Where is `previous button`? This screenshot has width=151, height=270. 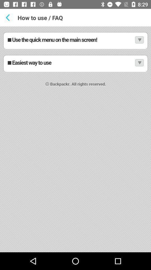
previous button is located at coordinates (8, 17).